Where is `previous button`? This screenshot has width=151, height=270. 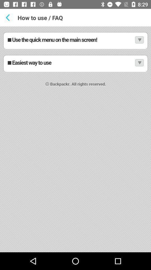
previous button is located at coordinates (8, 17).